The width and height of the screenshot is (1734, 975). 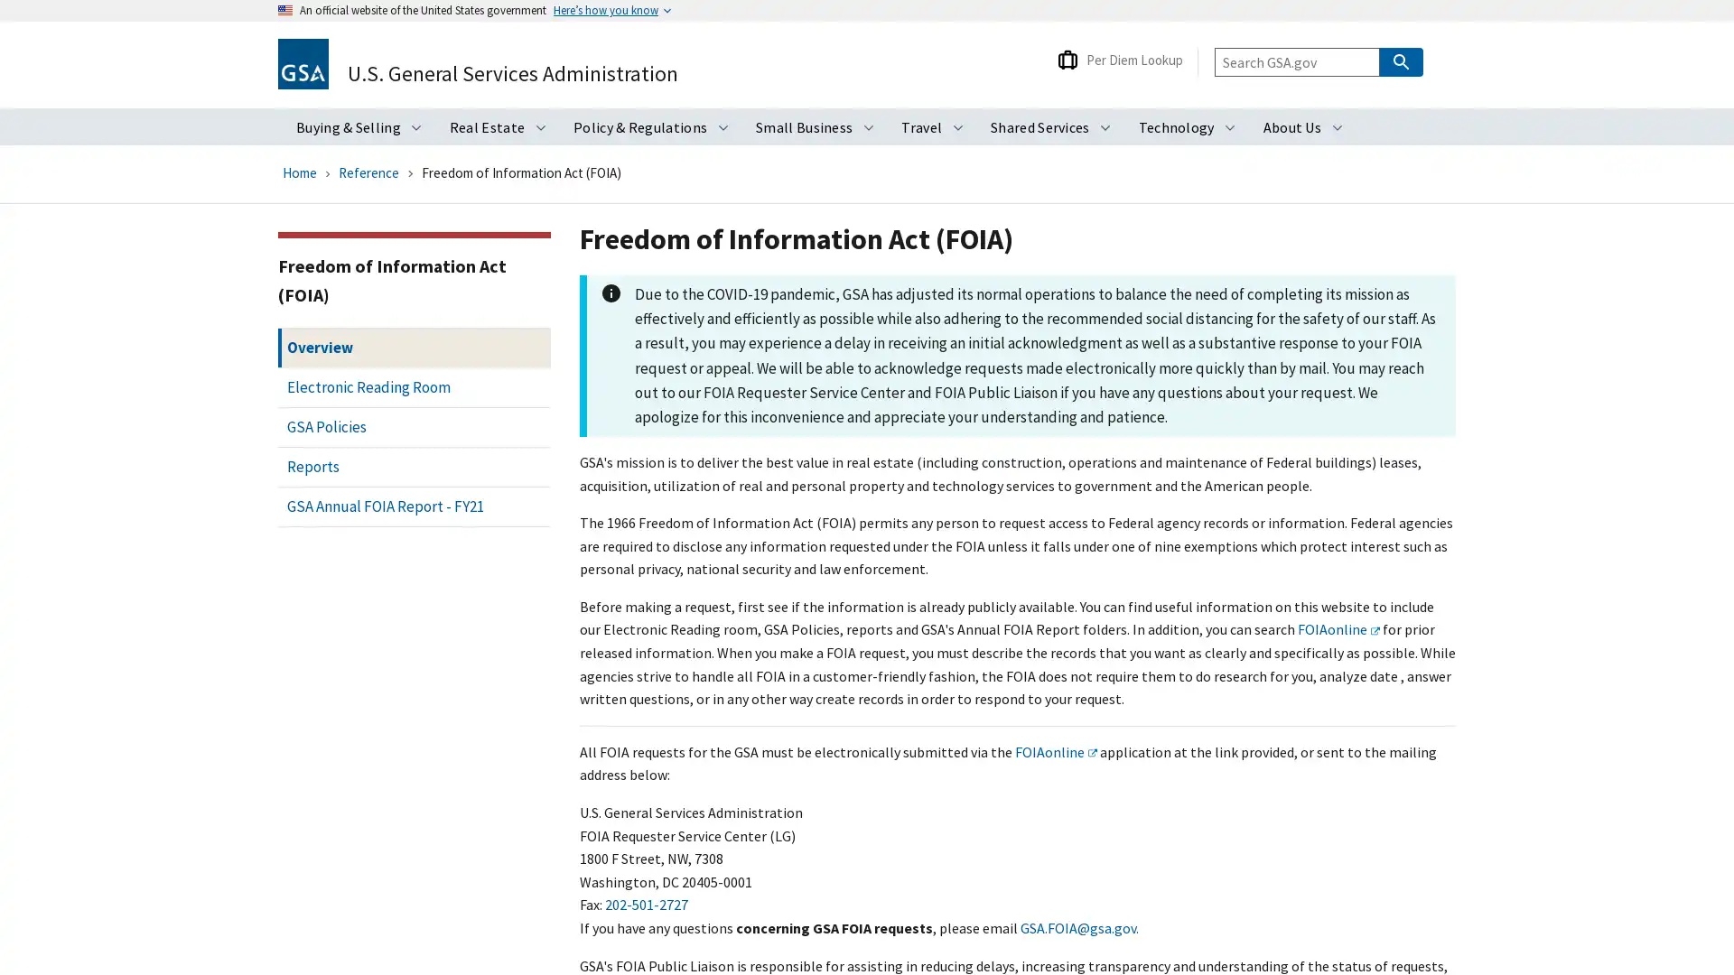 I want to click on Heres how you know, so click(x=606, y=10).